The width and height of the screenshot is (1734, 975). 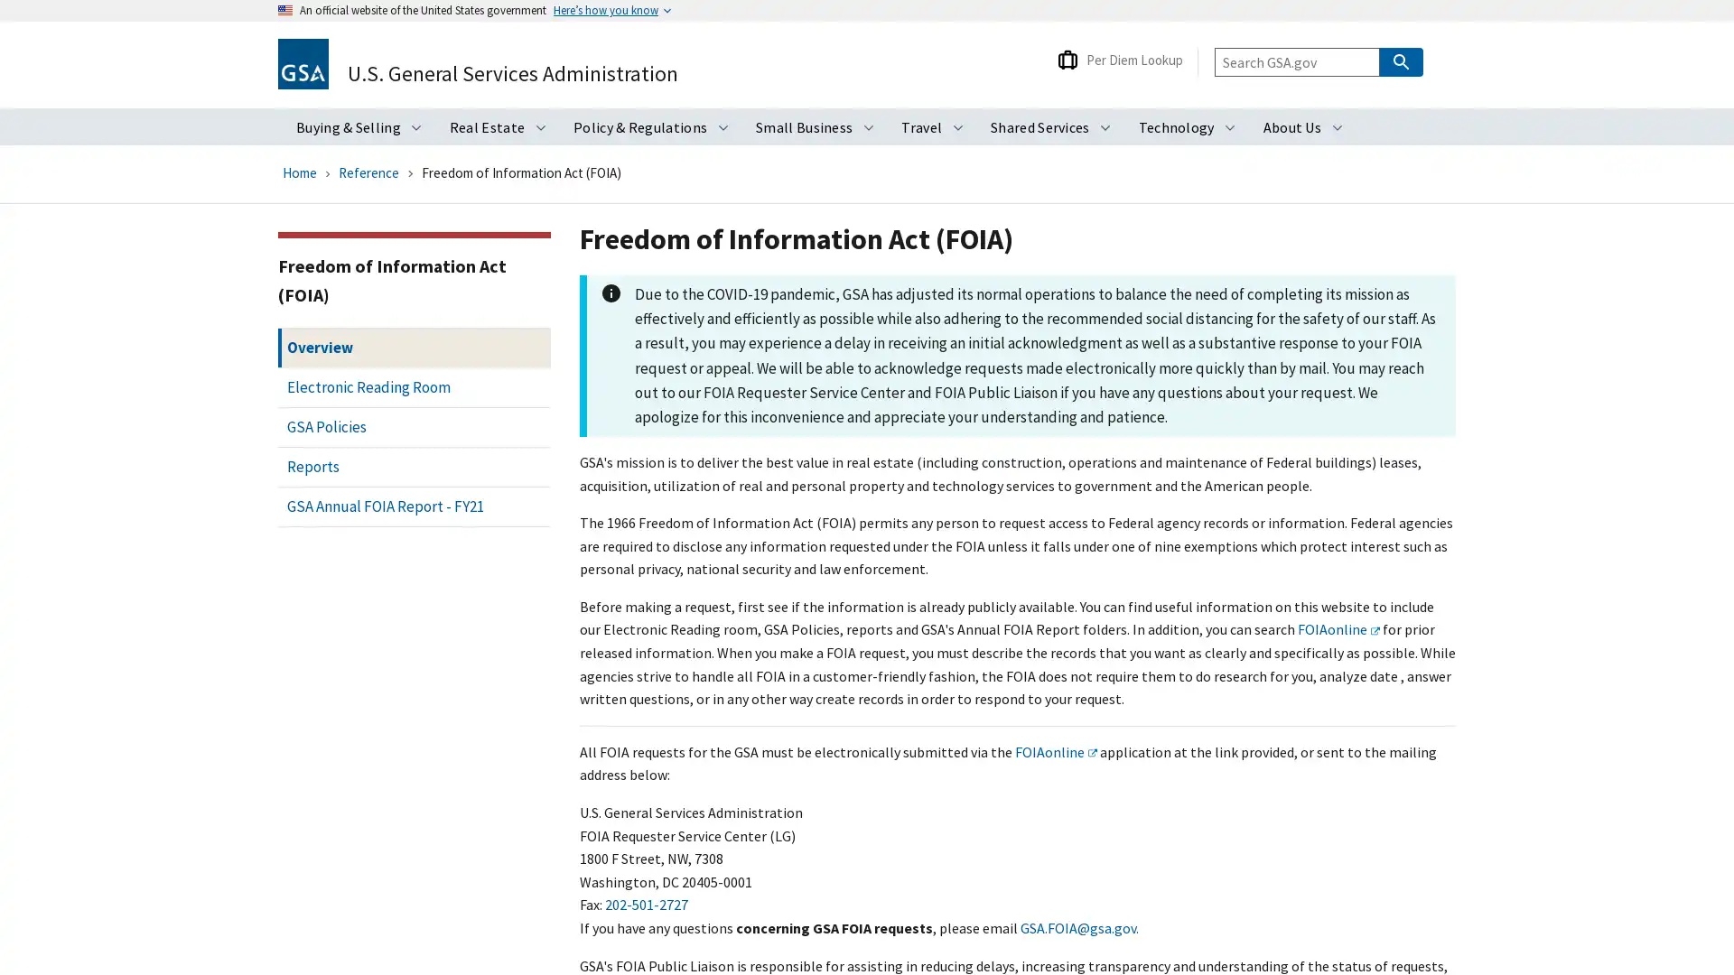 I want to click on Heres how you know, so click(x=606, y=10).